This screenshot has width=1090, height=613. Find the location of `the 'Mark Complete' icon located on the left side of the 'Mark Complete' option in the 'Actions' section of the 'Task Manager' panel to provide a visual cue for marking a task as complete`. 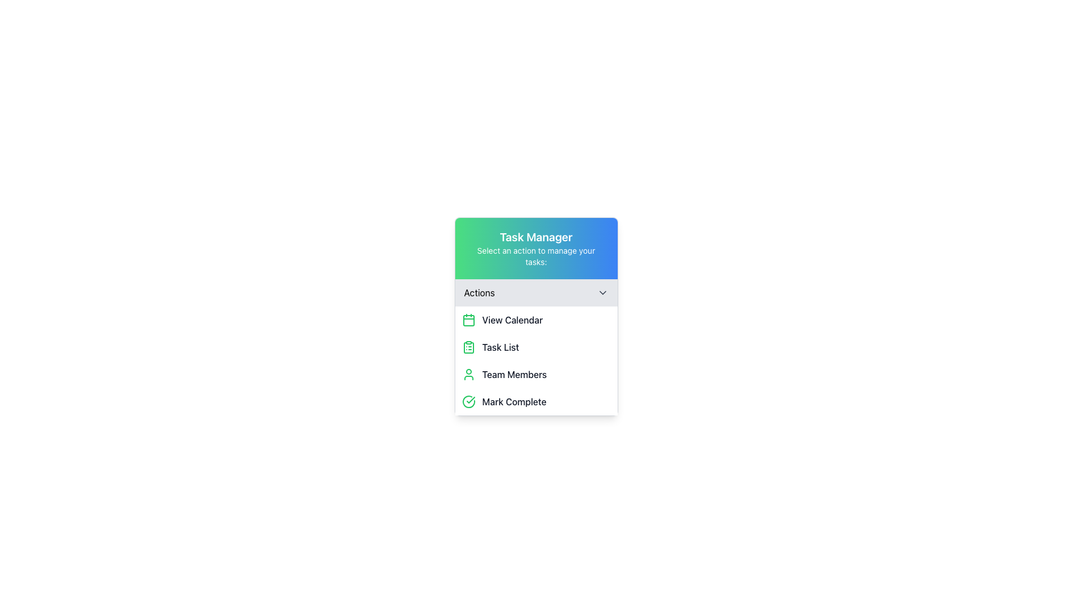

the 'Mark Complete' icon located on the left side of the 'Mark Complete' option in the 'Actions' section of the 'Task Manager' panel to provide a visual cue for marking a task as complete is located at coordinates (468, 401).